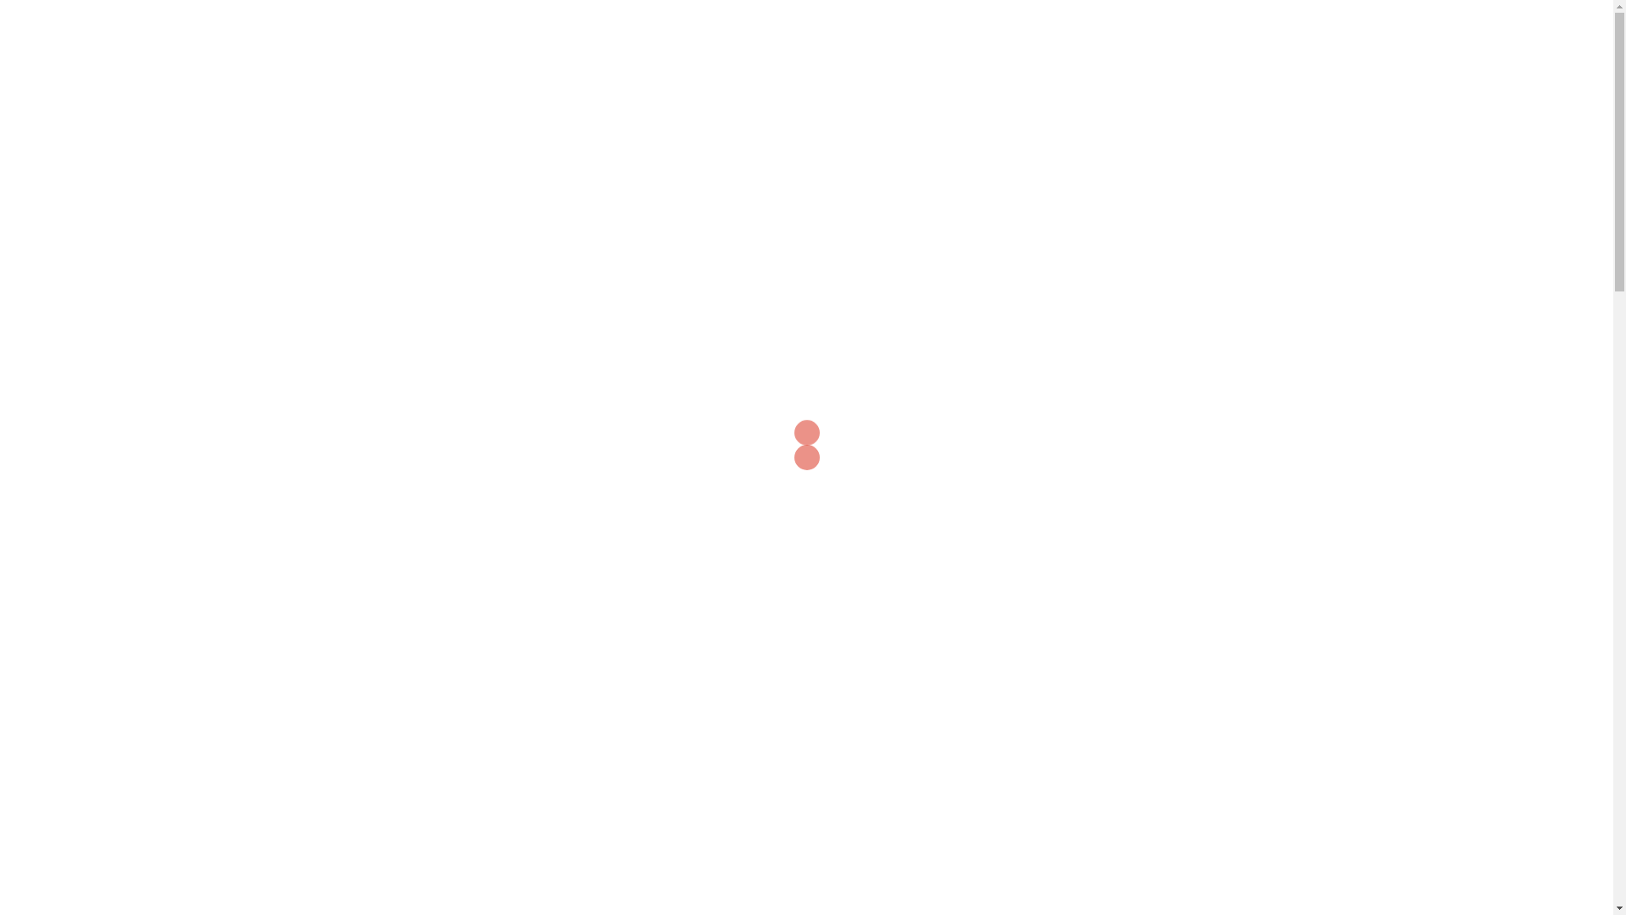  Describe the element at coordinates (1027, 58) in the screenshot. I see `'Aktuelles'` at that location.